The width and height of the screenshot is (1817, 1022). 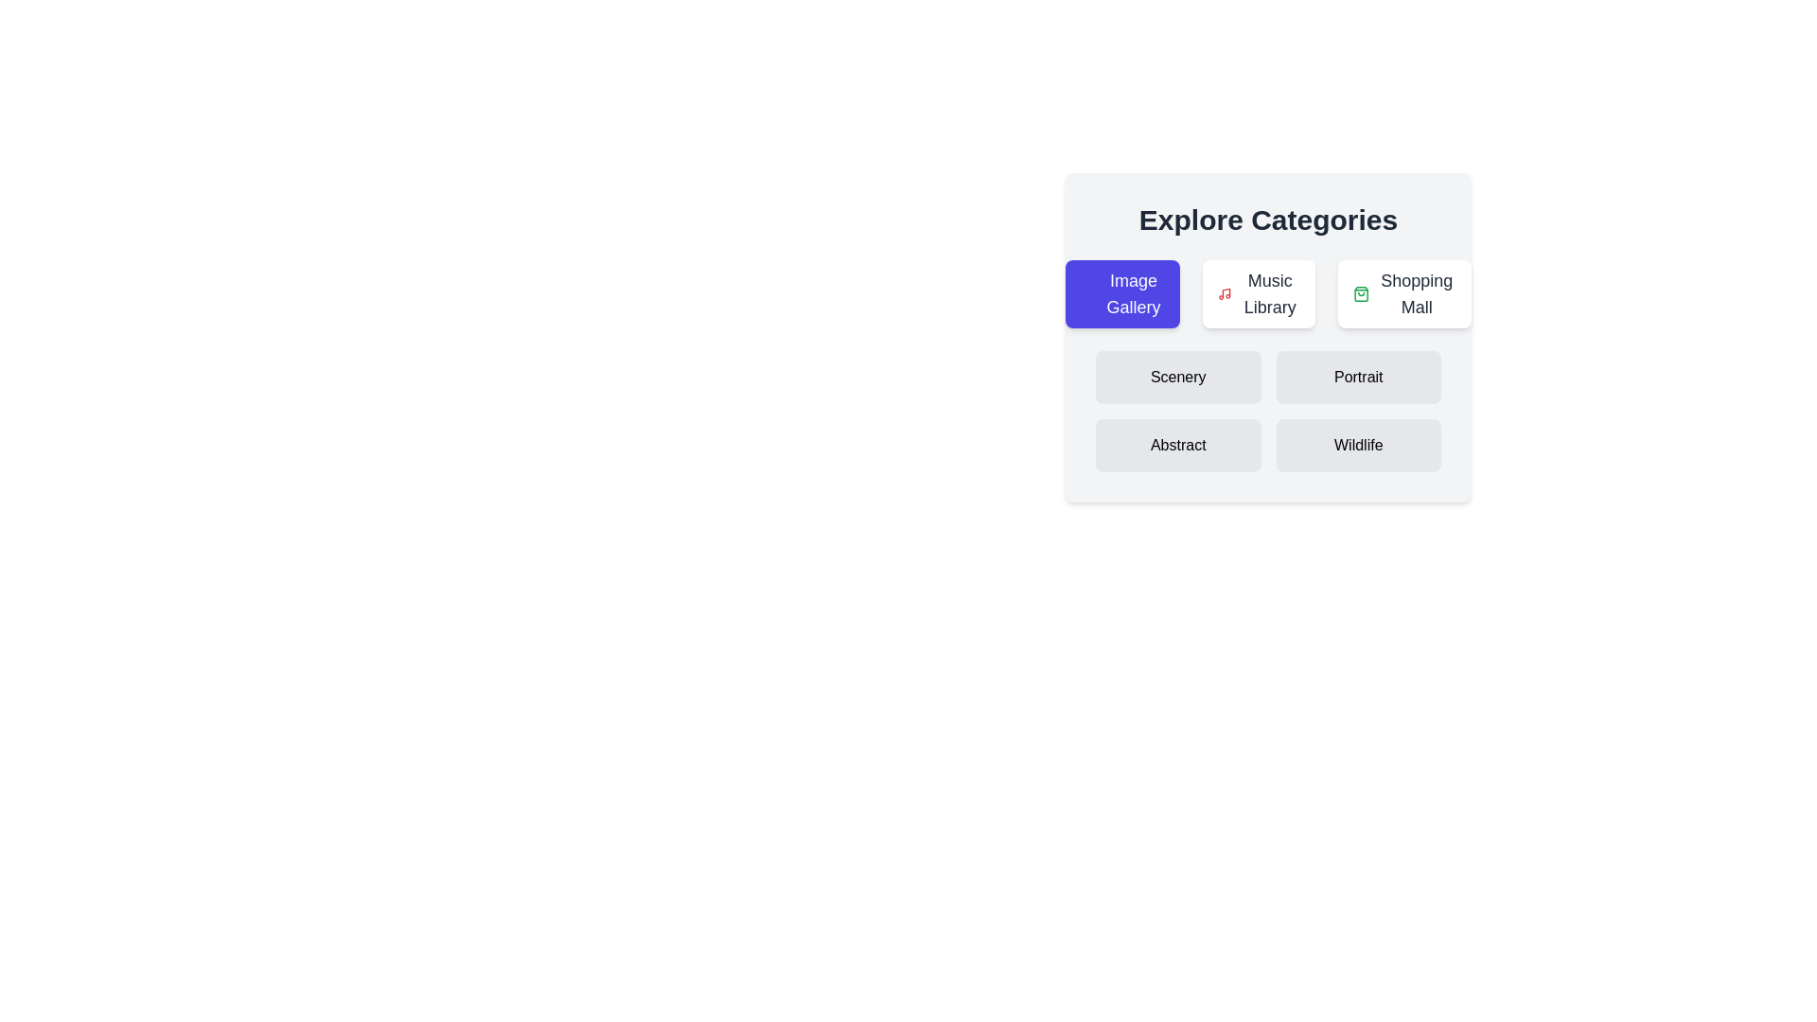 What do you see at coordinates (1357, 445) in the screenshot?
I see `the 'Wildlife' button in the 'Explore Categories' section` at bounding box center [1357, 445].